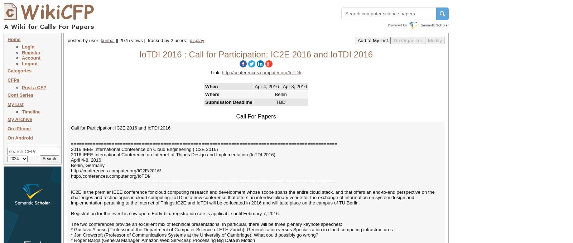 Image resolution: width=573 pixels, height=243 pixels. What do you see at coordinates (210, 72) in the screenshot?
I see `'Link:'` at bounding box center [210, 72].